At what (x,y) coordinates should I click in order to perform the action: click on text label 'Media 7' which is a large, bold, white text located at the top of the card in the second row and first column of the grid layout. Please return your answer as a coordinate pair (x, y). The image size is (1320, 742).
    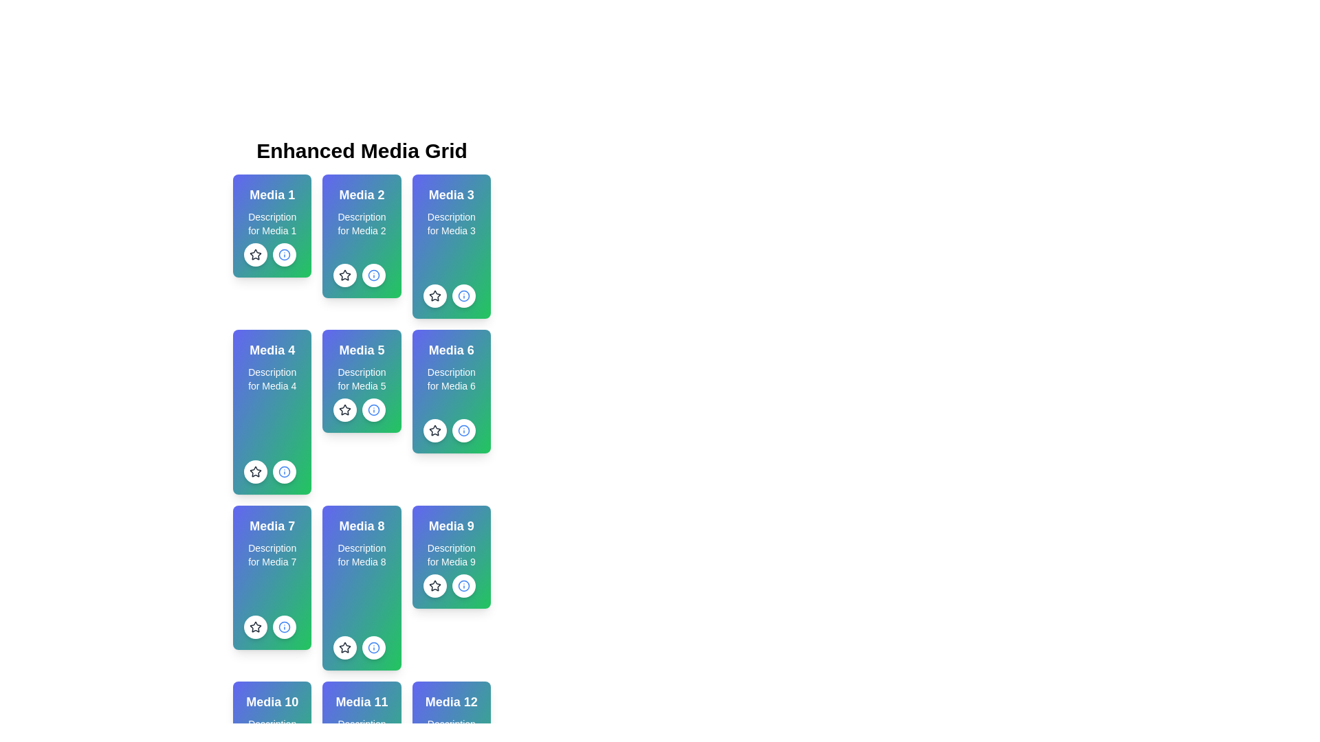
    Looking at the image, I should click on (272, 526).